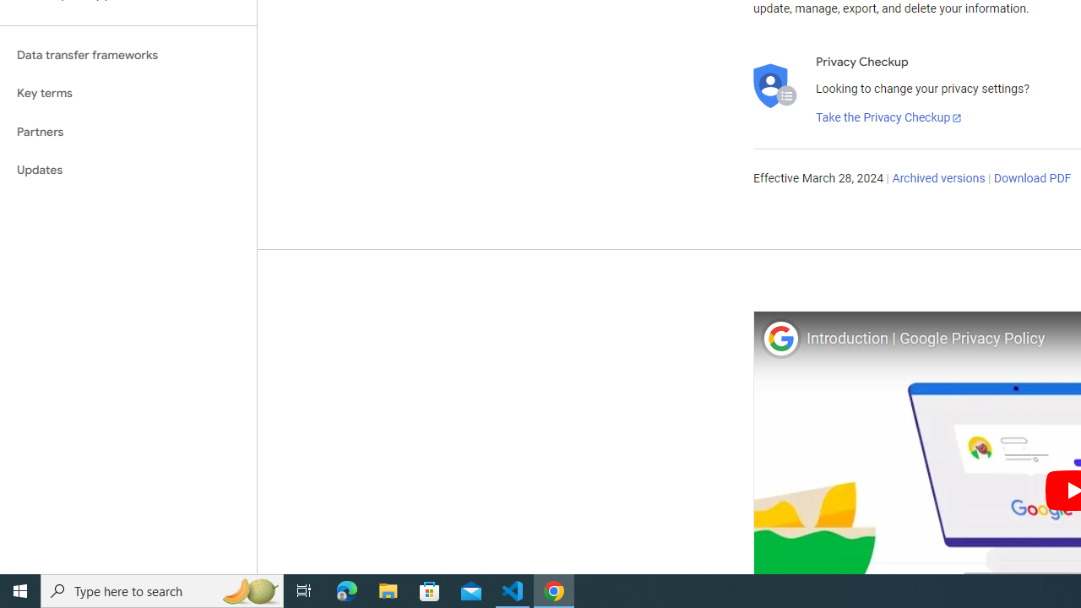 This screenshot has width=1081, height=608. I want to click on 'Photo image of Google', so click(780, 338).